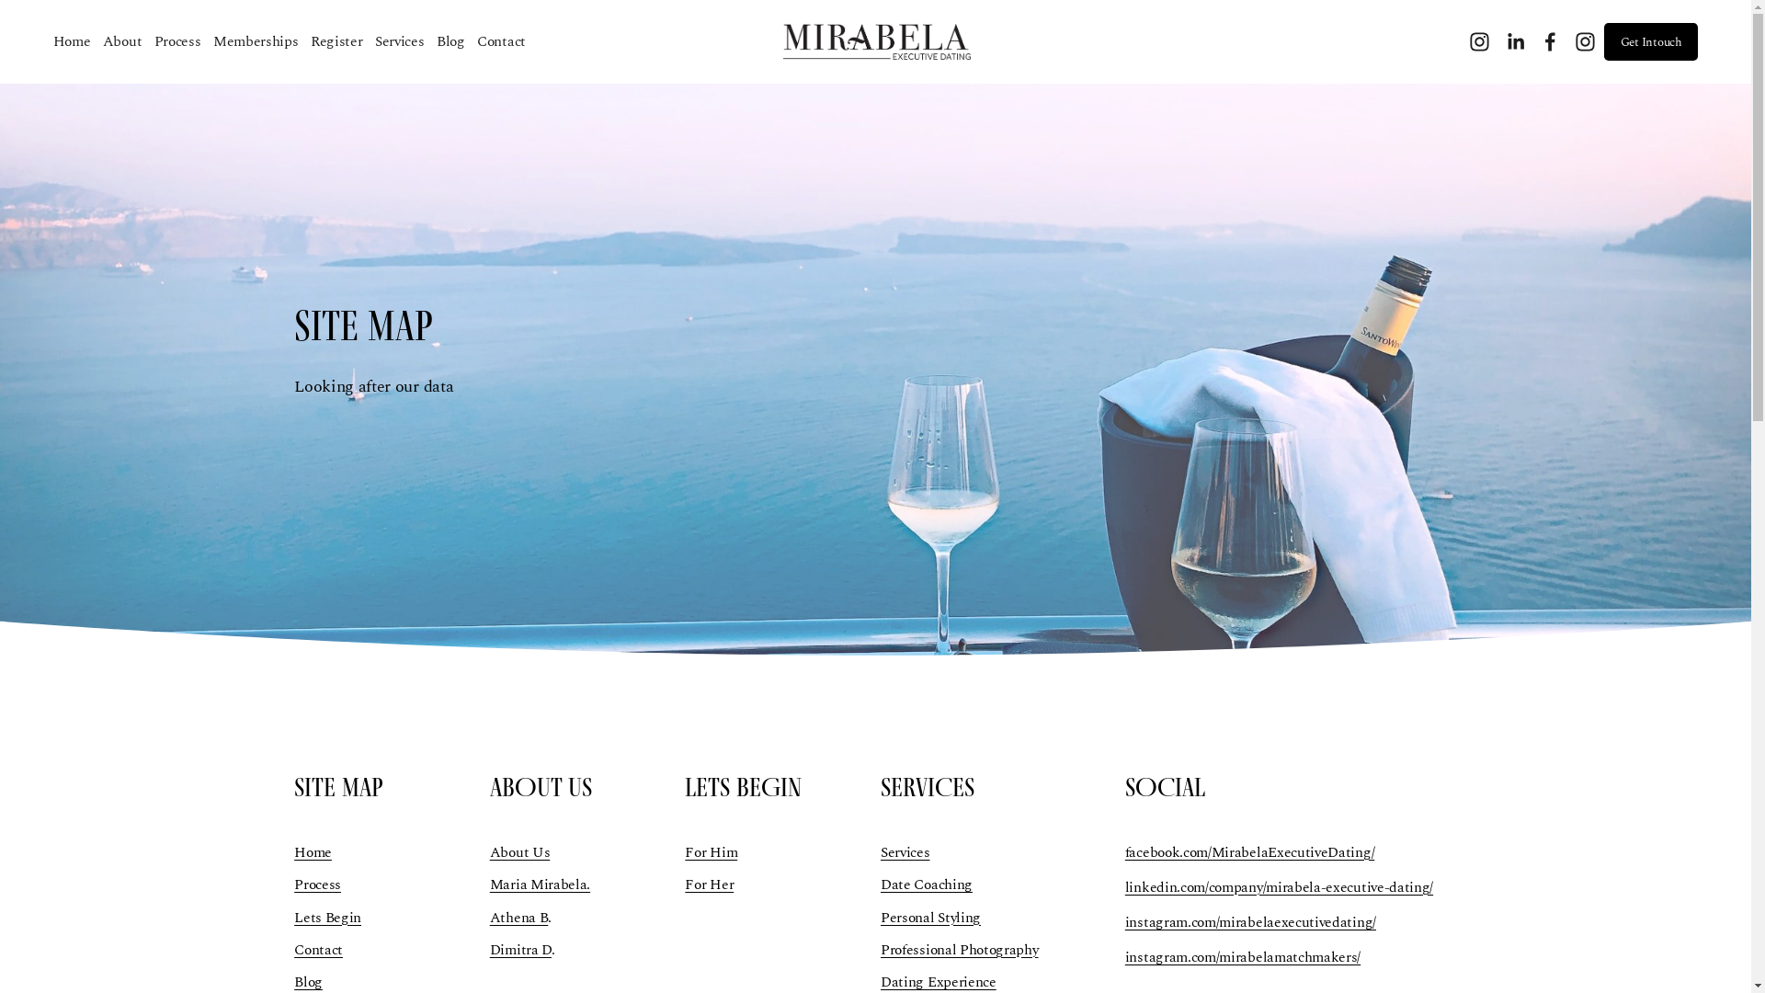 This screenshot has height=993, width=1765. Describe the element at coordinates (927, 883) in the screenshot. I see `'Date Coaching'` at that location.